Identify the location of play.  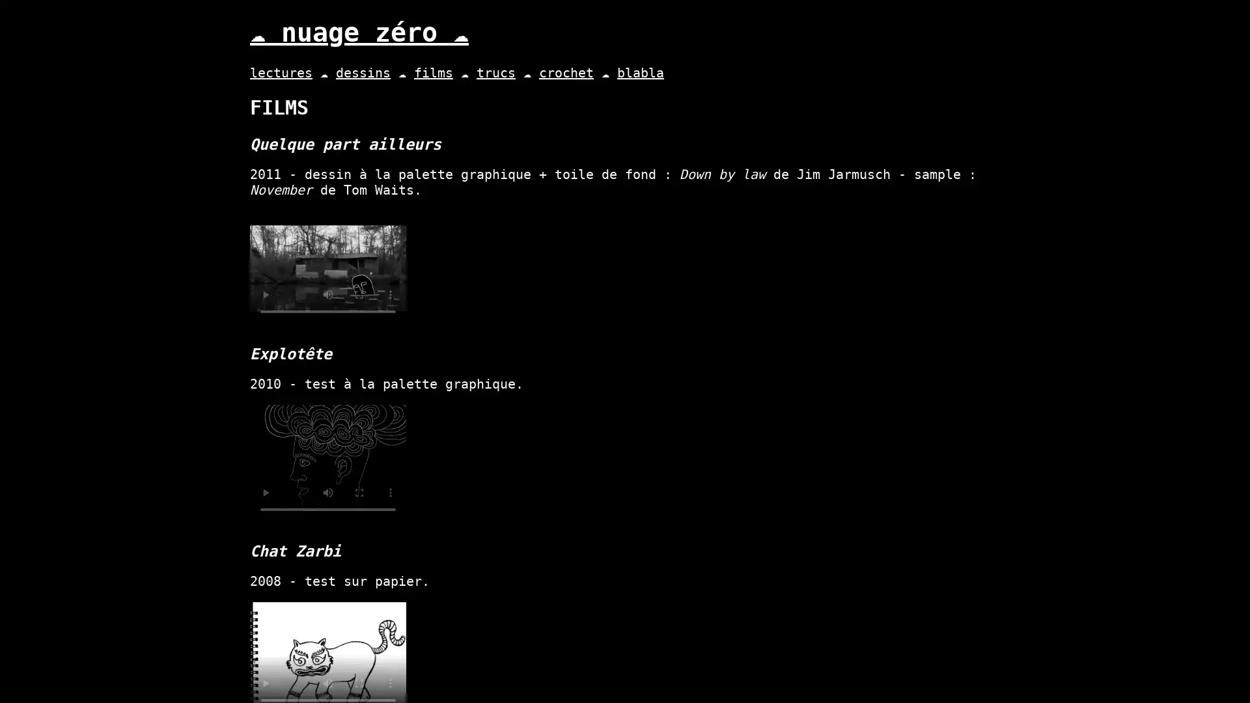
(265, 492).